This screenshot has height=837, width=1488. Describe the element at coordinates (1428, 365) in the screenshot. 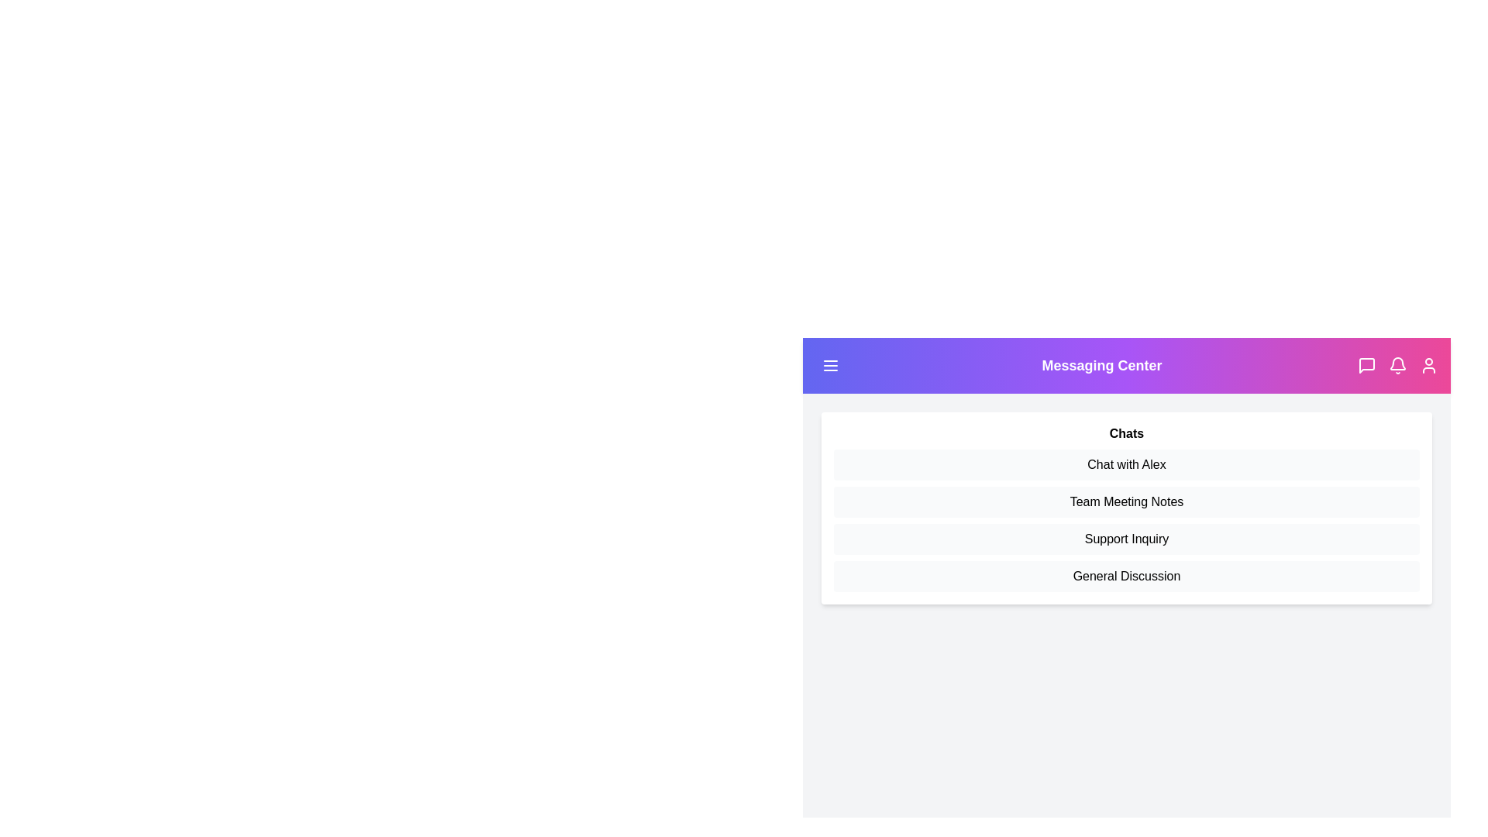

I see `user profile icon in the top-right corner` at that location.